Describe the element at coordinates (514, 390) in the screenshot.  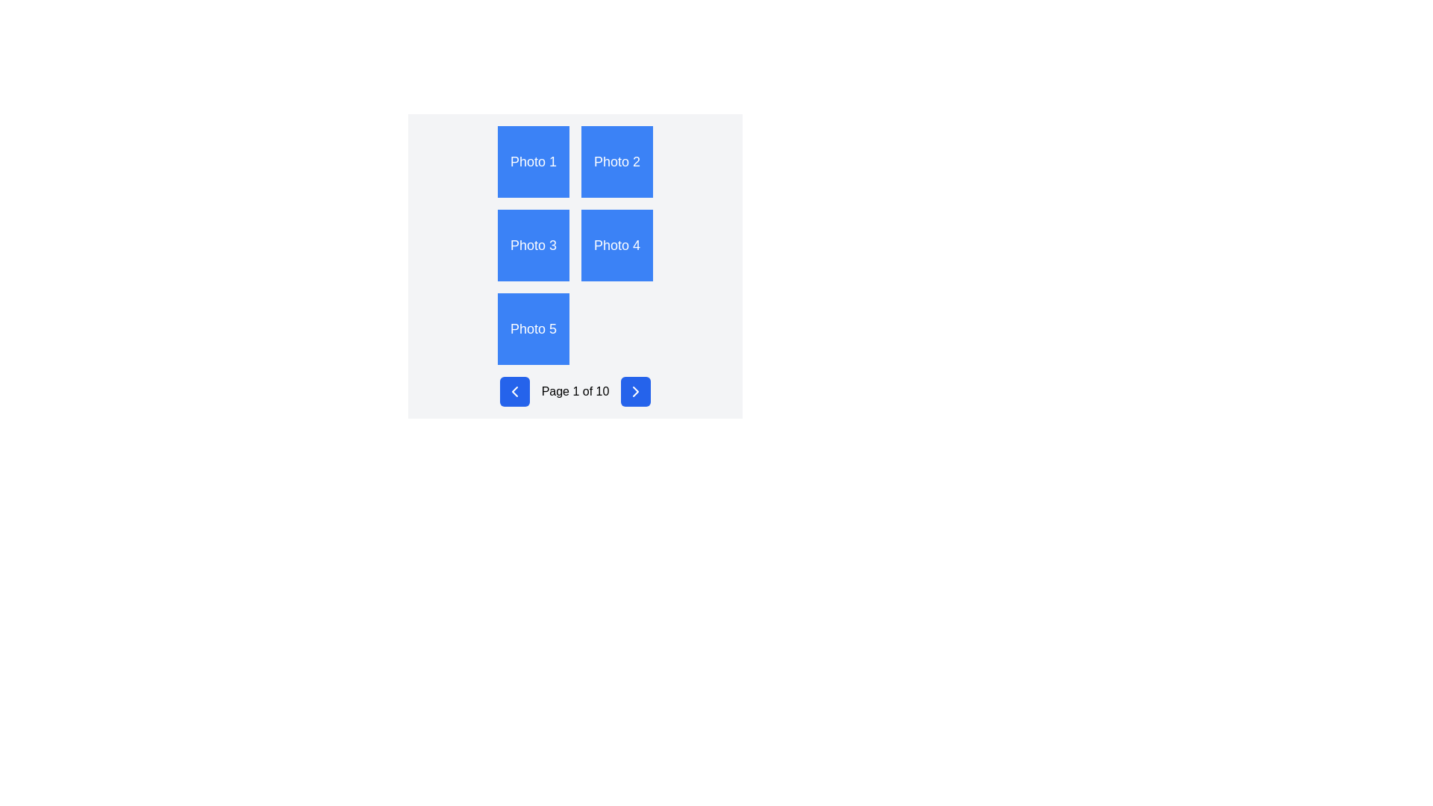
I see `the blue square button with a leftward-pointing white chevron icon located at the bottom-left of the pagination section` at that location.